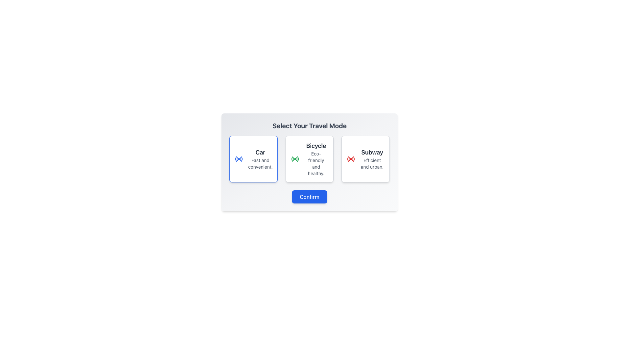  I want to click on the content of the horizontal grid layout containing the travel mode options (Car, Bicycle, Subway) located below the 'Select Your Travel Mode' title, so click(309, 159).